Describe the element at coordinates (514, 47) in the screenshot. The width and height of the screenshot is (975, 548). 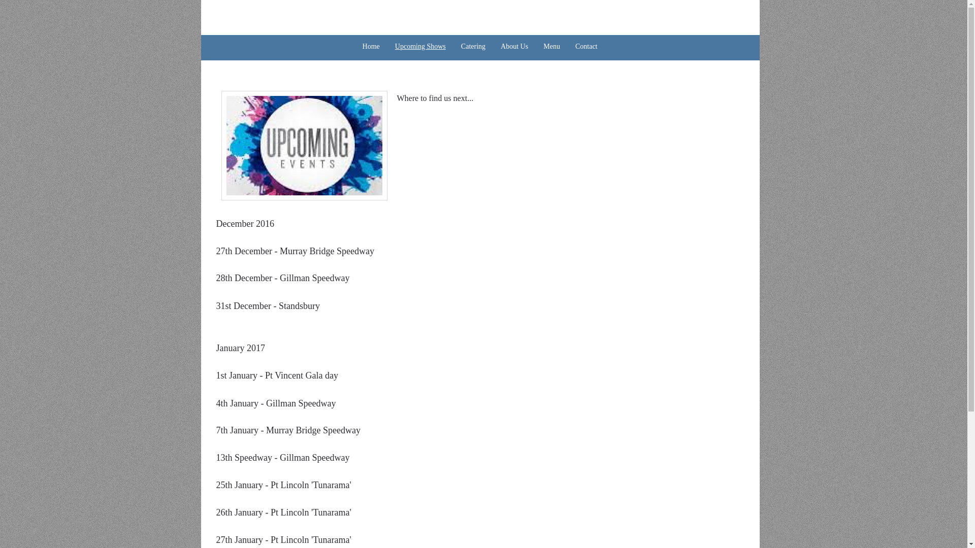
I see `'About Us'` at that location.